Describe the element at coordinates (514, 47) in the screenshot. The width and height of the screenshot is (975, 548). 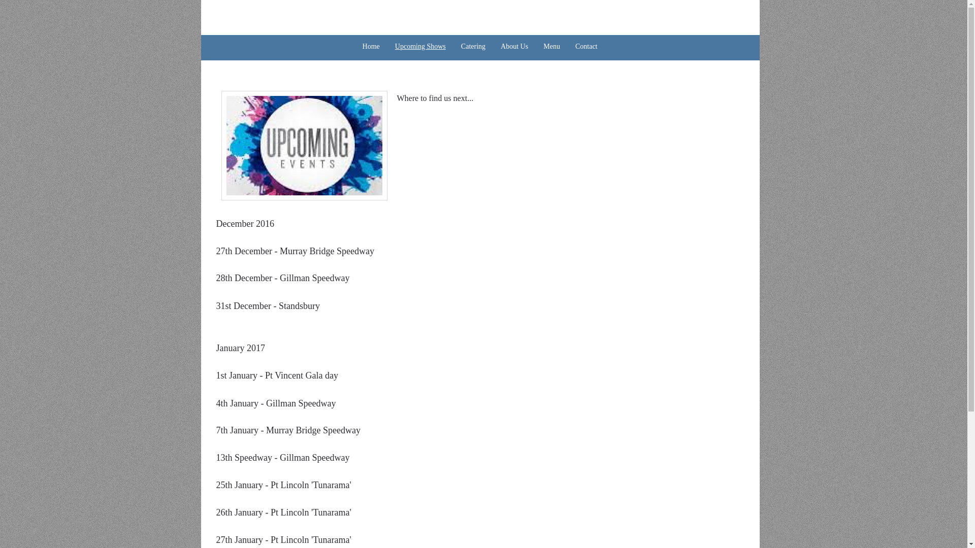
I see `'About Us'` at that location.